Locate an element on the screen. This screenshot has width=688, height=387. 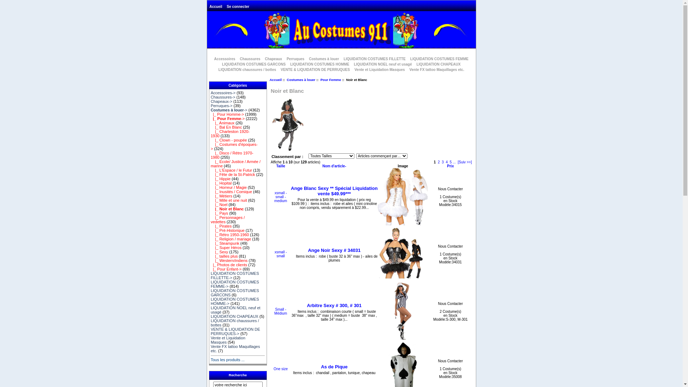
'    |_ Sexy' is located at coordinates (219, 251).